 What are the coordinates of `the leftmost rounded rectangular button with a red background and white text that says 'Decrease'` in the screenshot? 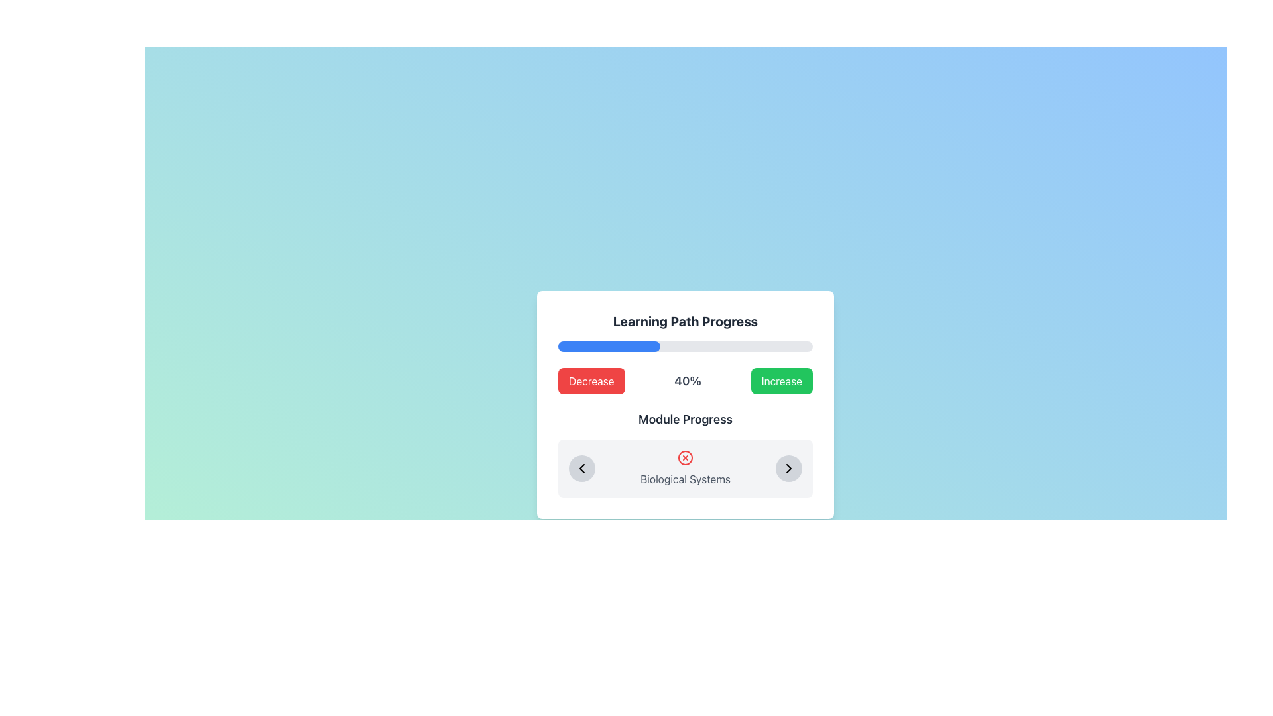 It's located at (591, 381).